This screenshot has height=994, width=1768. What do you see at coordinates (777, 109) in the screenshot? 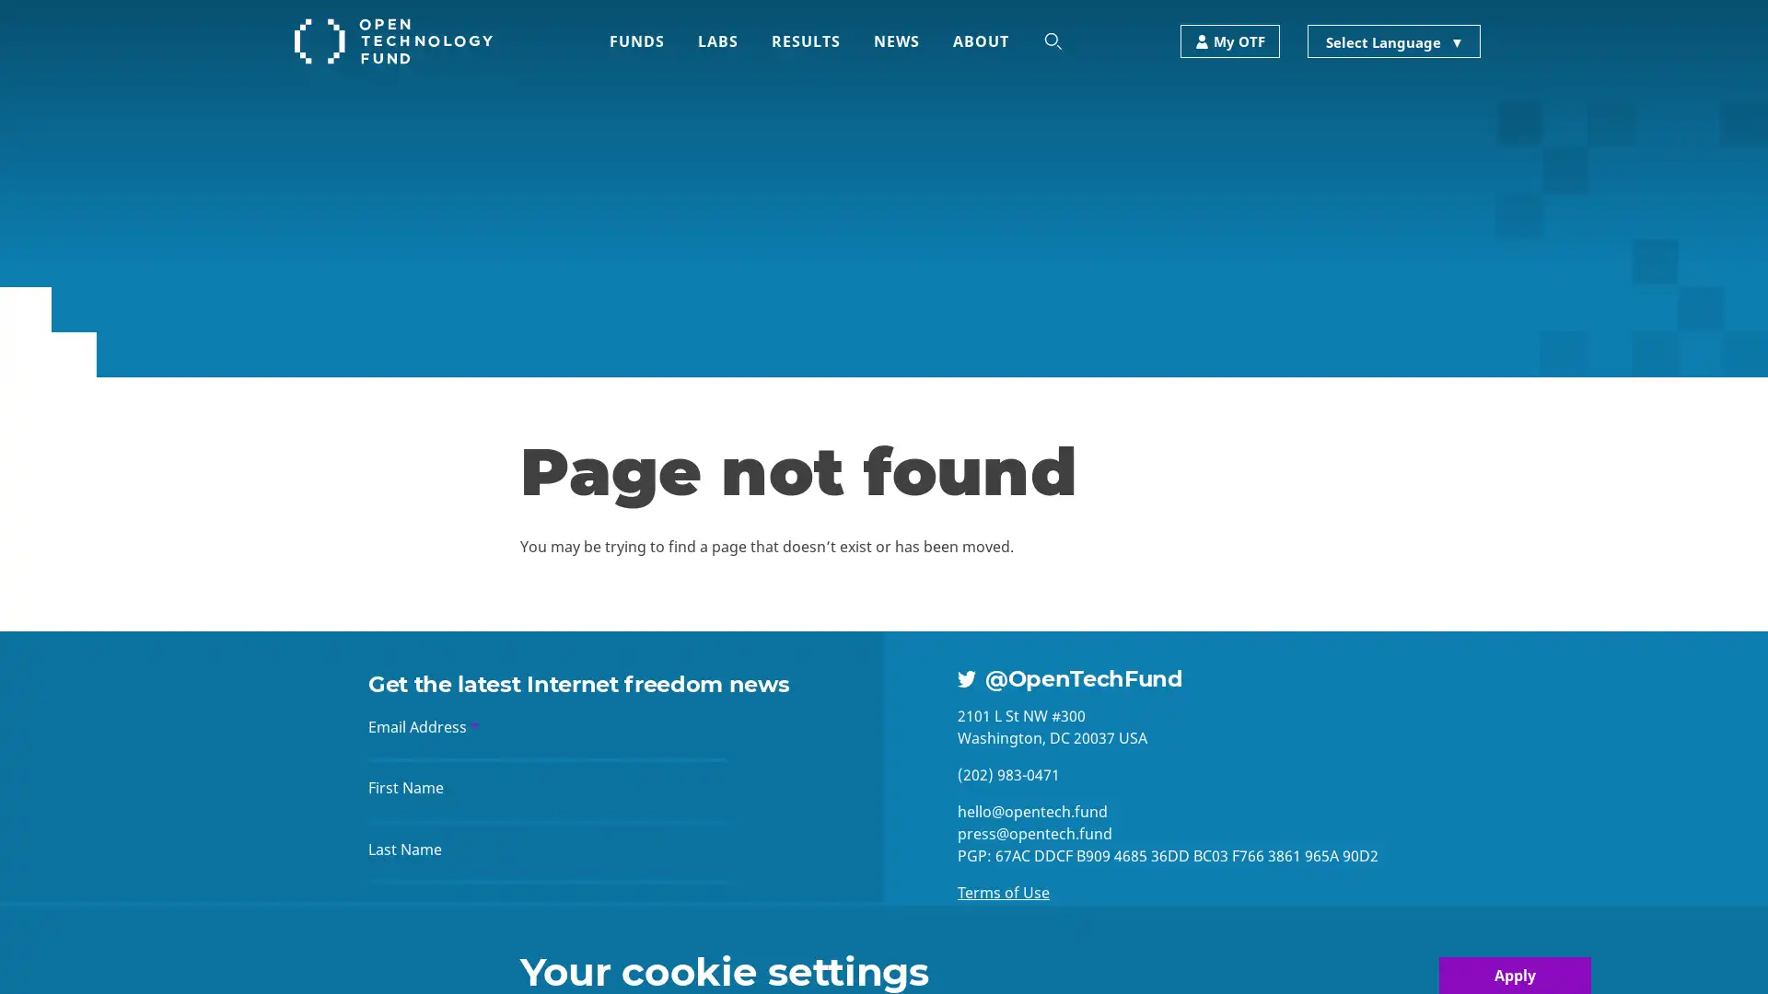
I see `Search` at bounding box center [777, 109].